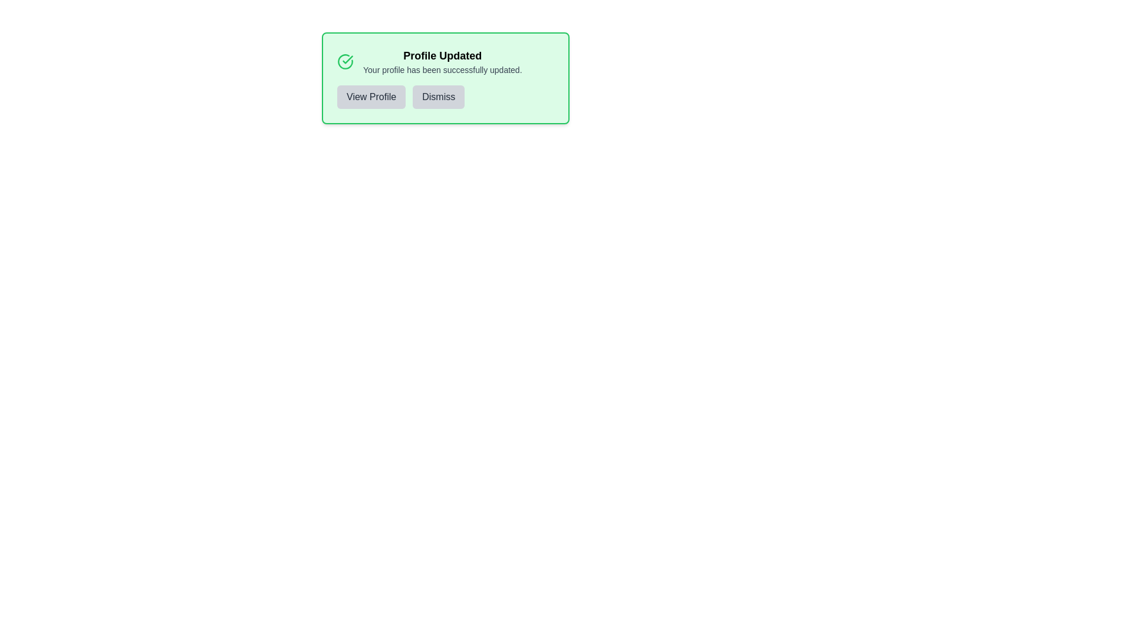 The width and height of the screenshot is (1132, 636). I want to click on text from the notification message element that indicates 'Profile Updated' and 'Your profile has been successfully updated.', so click(442, 61).